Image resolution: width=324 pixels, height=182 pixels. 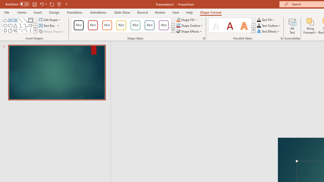 What do you see at coordinates (230, 25) in the screenshot?
I see `'Fill: Dark Red, Accent color 1; Shadow'` at bounding box center [230, 25].